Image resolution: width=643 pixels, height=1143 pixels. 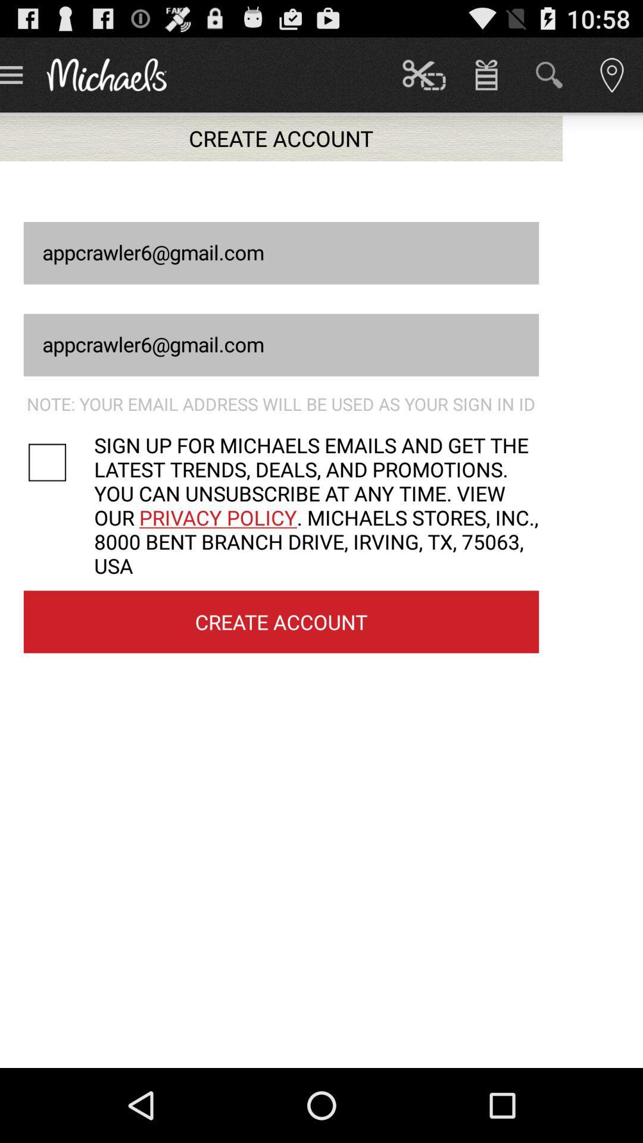 What do you see at coordinates (59, 462) in the screenshot?
I see `check box for emails` at bounding box center [59, 462].